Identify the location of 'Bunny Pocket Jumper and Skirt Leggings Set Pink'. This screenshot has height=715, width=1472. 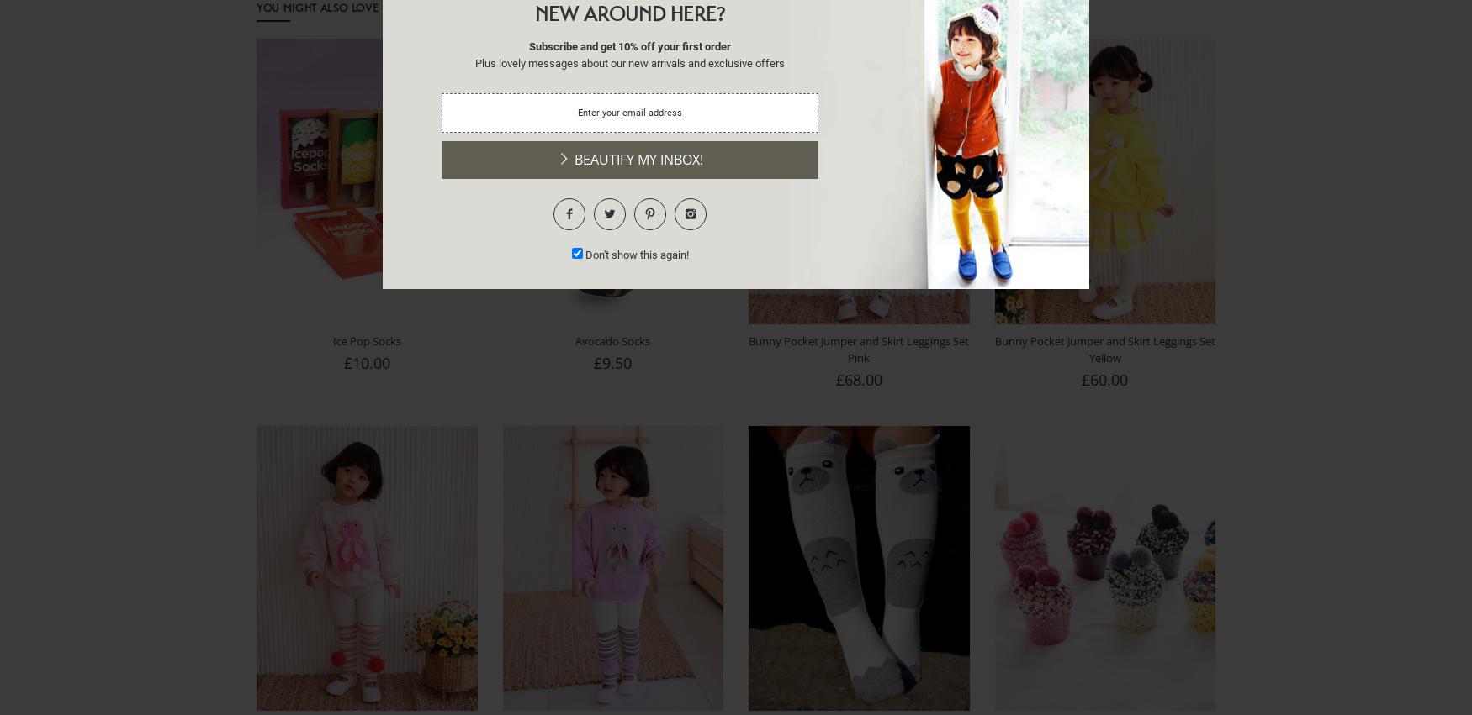
(857, 348).